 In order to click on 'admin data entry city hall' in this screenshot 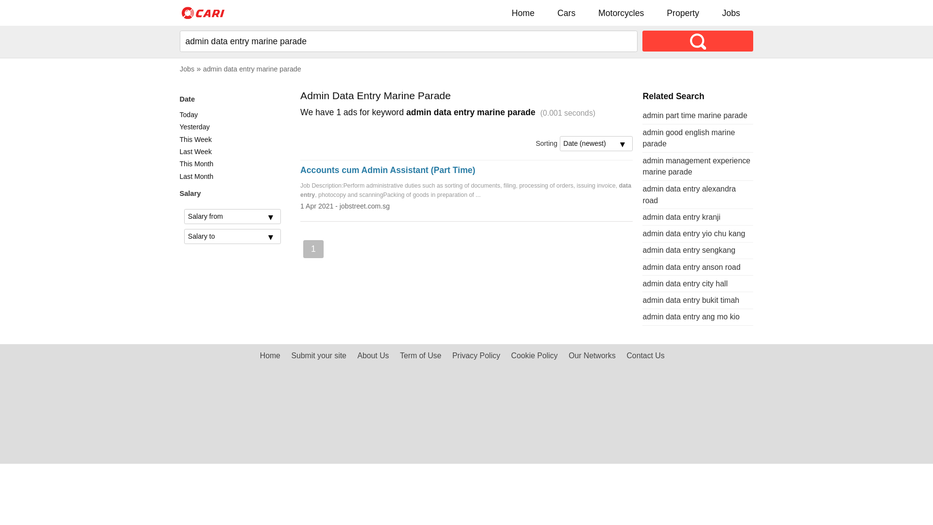, I will do `click(642, 283)`.